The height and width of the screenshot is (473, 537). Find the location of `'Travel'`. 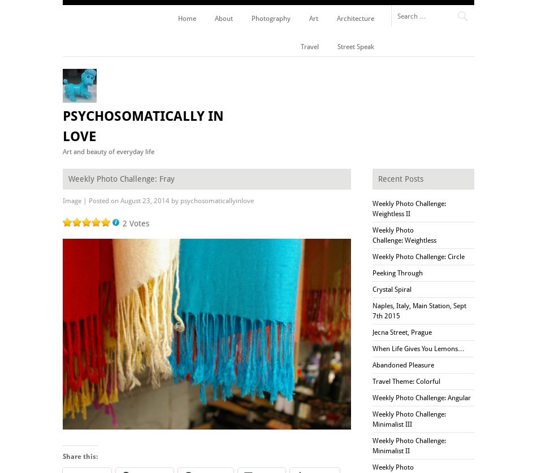

'Travel' is located at coordinates (309, 46).